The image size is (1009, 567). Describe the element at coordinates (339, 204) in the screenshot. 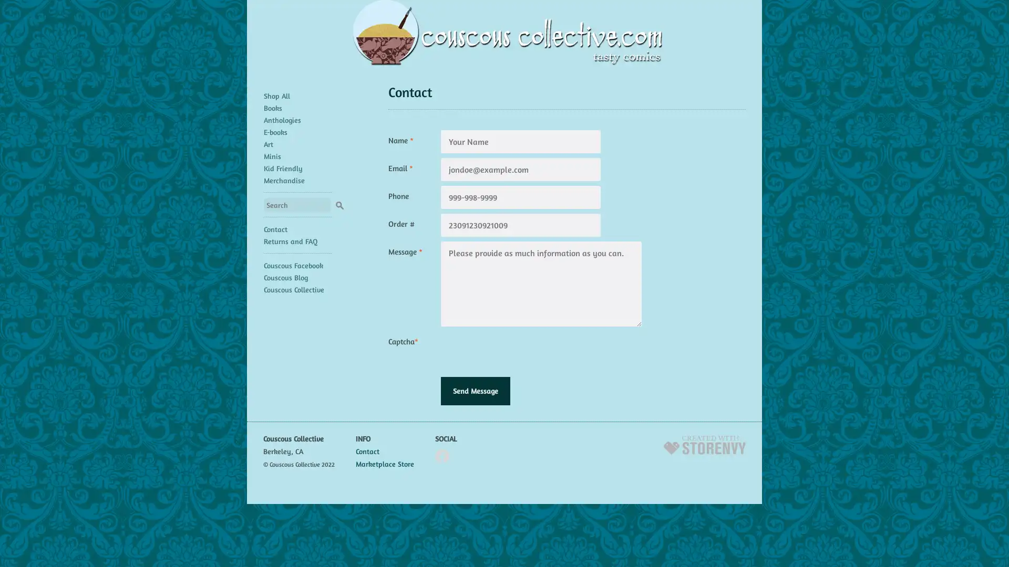

I see `Search` at that location.